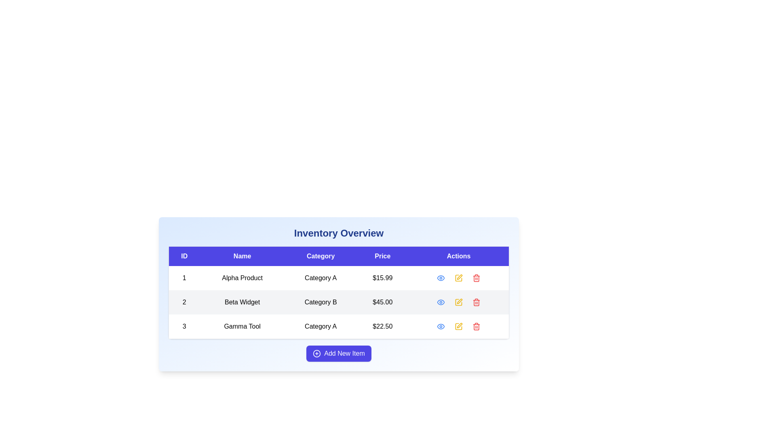 This screenshot has width=776, height=436. What do you see at coordinates (459, 302) in the screenshot?
I see `the edit button located in the middle row of the inventory table in the 'Actions' column` at bounding box center [459, 302].